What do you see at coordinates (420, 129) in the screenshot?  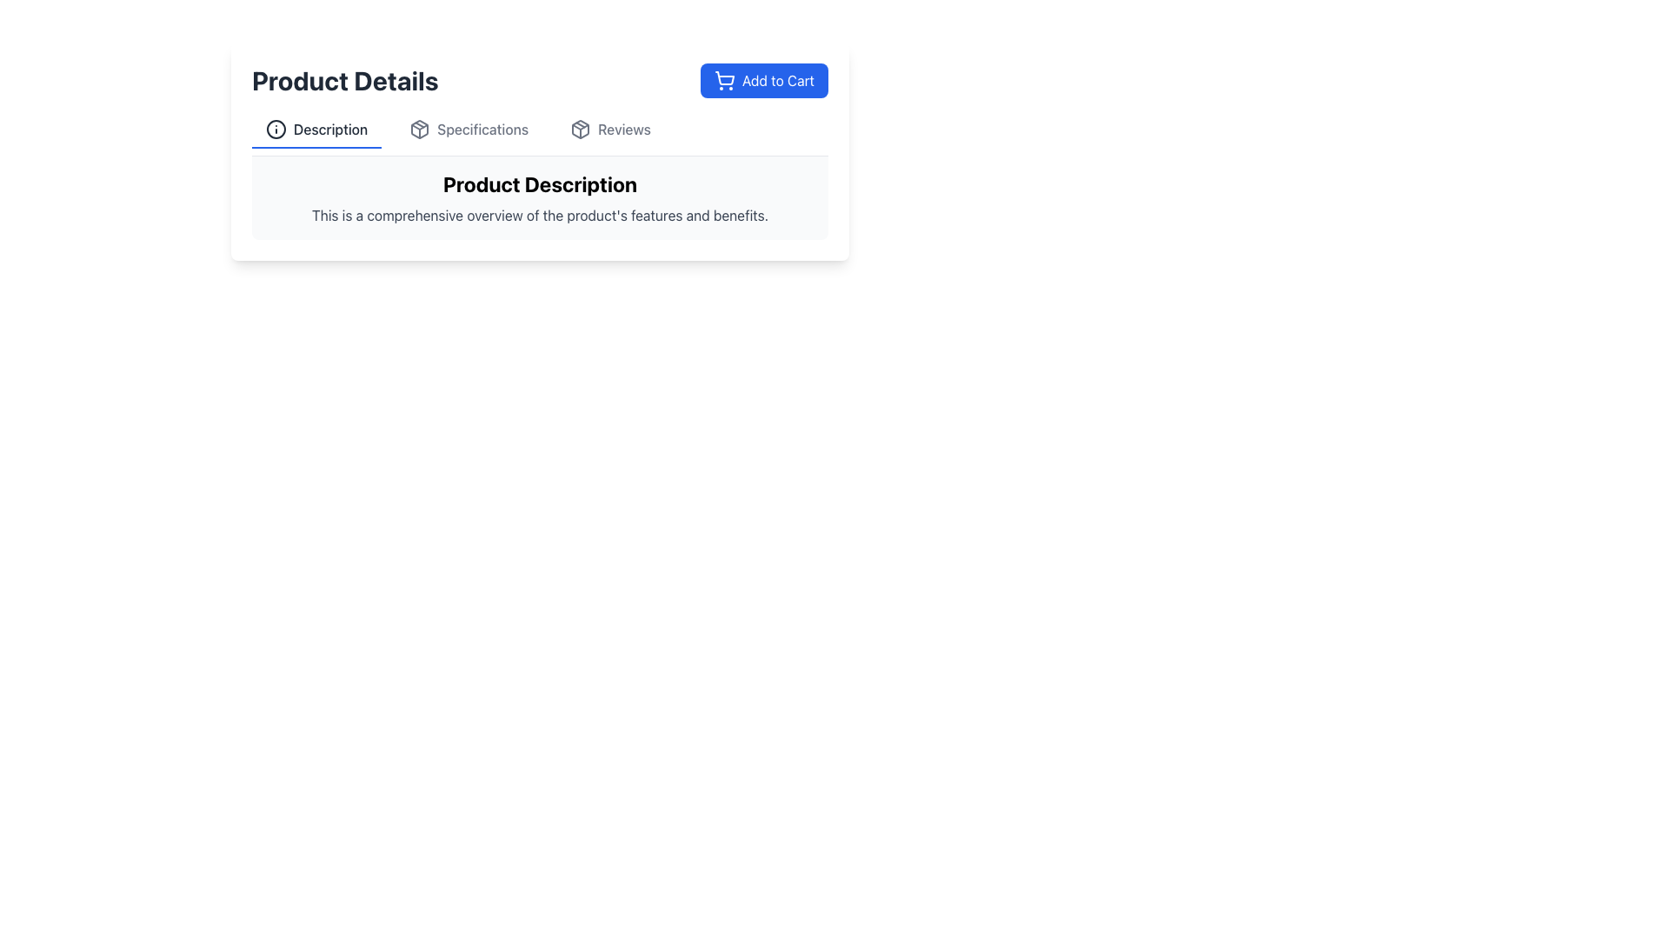 I see `the package-like box icon, which is the second element in the horizontal navigation bar under 'Product Details', positioned to the right of the 'Description' label` at bounding box center [420, 129].